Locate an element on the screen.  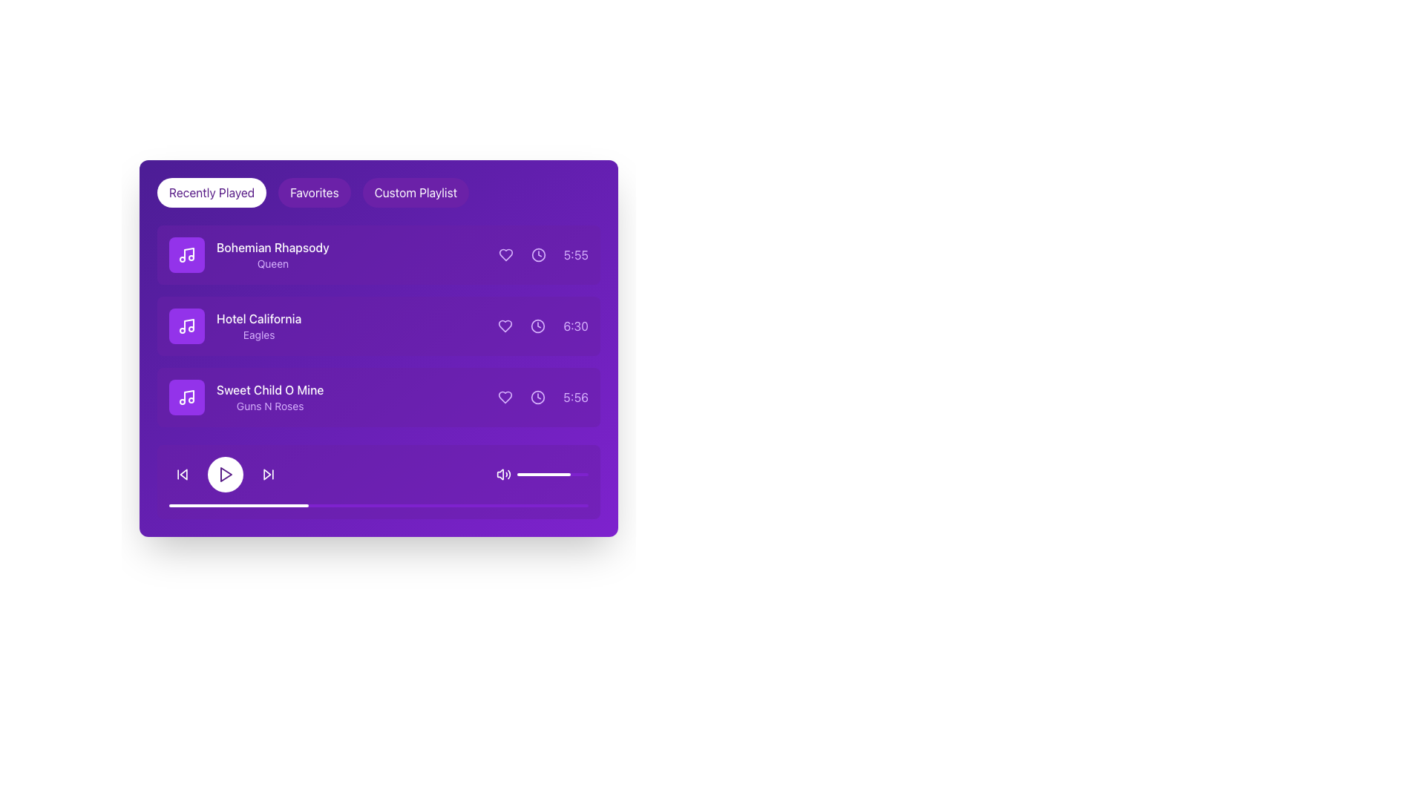
the progress bar is located at coordinates (457, 505).